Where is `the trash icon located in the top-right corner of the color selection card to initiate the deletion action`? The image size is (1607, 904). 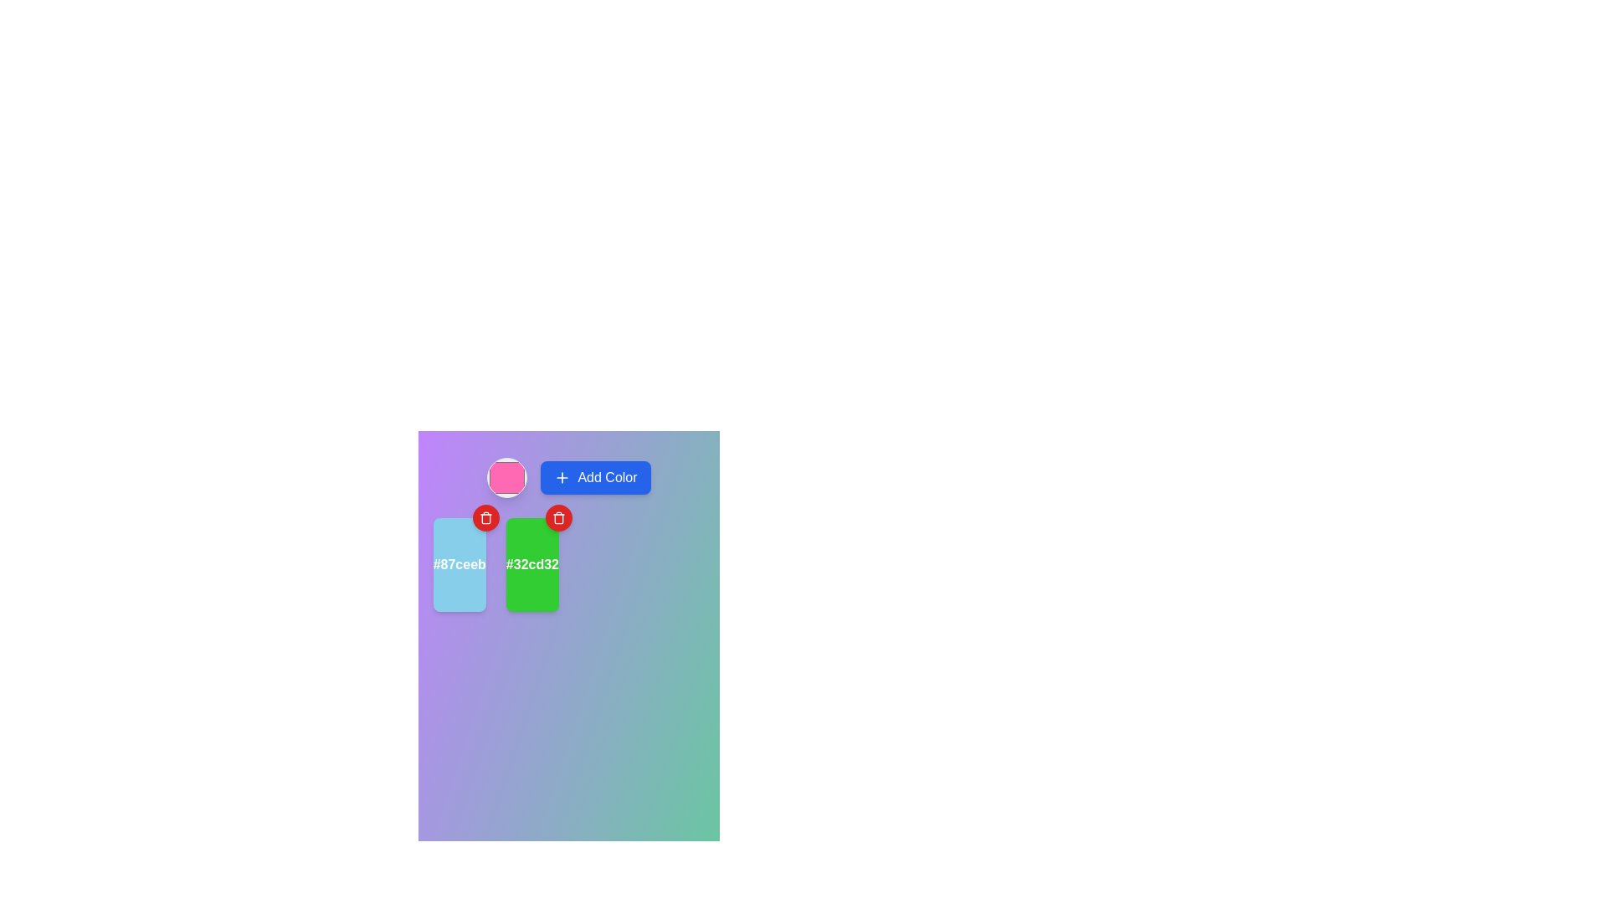 the trash icon located in the top-right corner of the color selection card to initiate the deletion action is located at coordinates (485, 516).